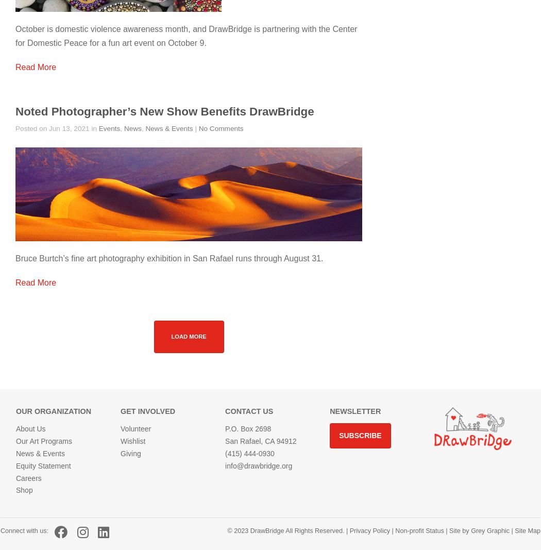 Image resolution: width=541 pixels, height=550 pixels. I want to click on 'October is domestic violence awareness month, and DrawBridge is partnering with the Center for Domestic Peace for a fun art event on October 9.', so click(185, 35).